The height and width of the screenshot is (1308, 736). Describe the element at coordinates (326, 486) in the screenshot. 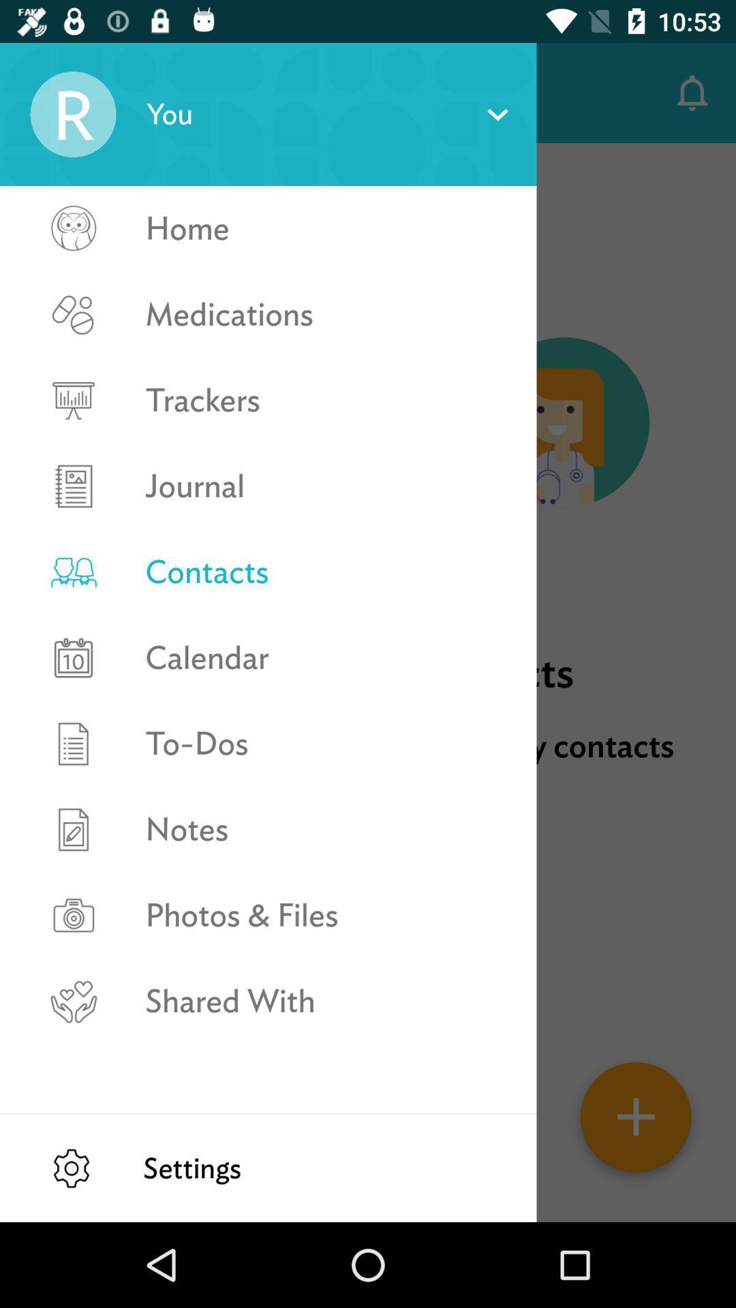

I see `the icon above the contacts icon` at that location.